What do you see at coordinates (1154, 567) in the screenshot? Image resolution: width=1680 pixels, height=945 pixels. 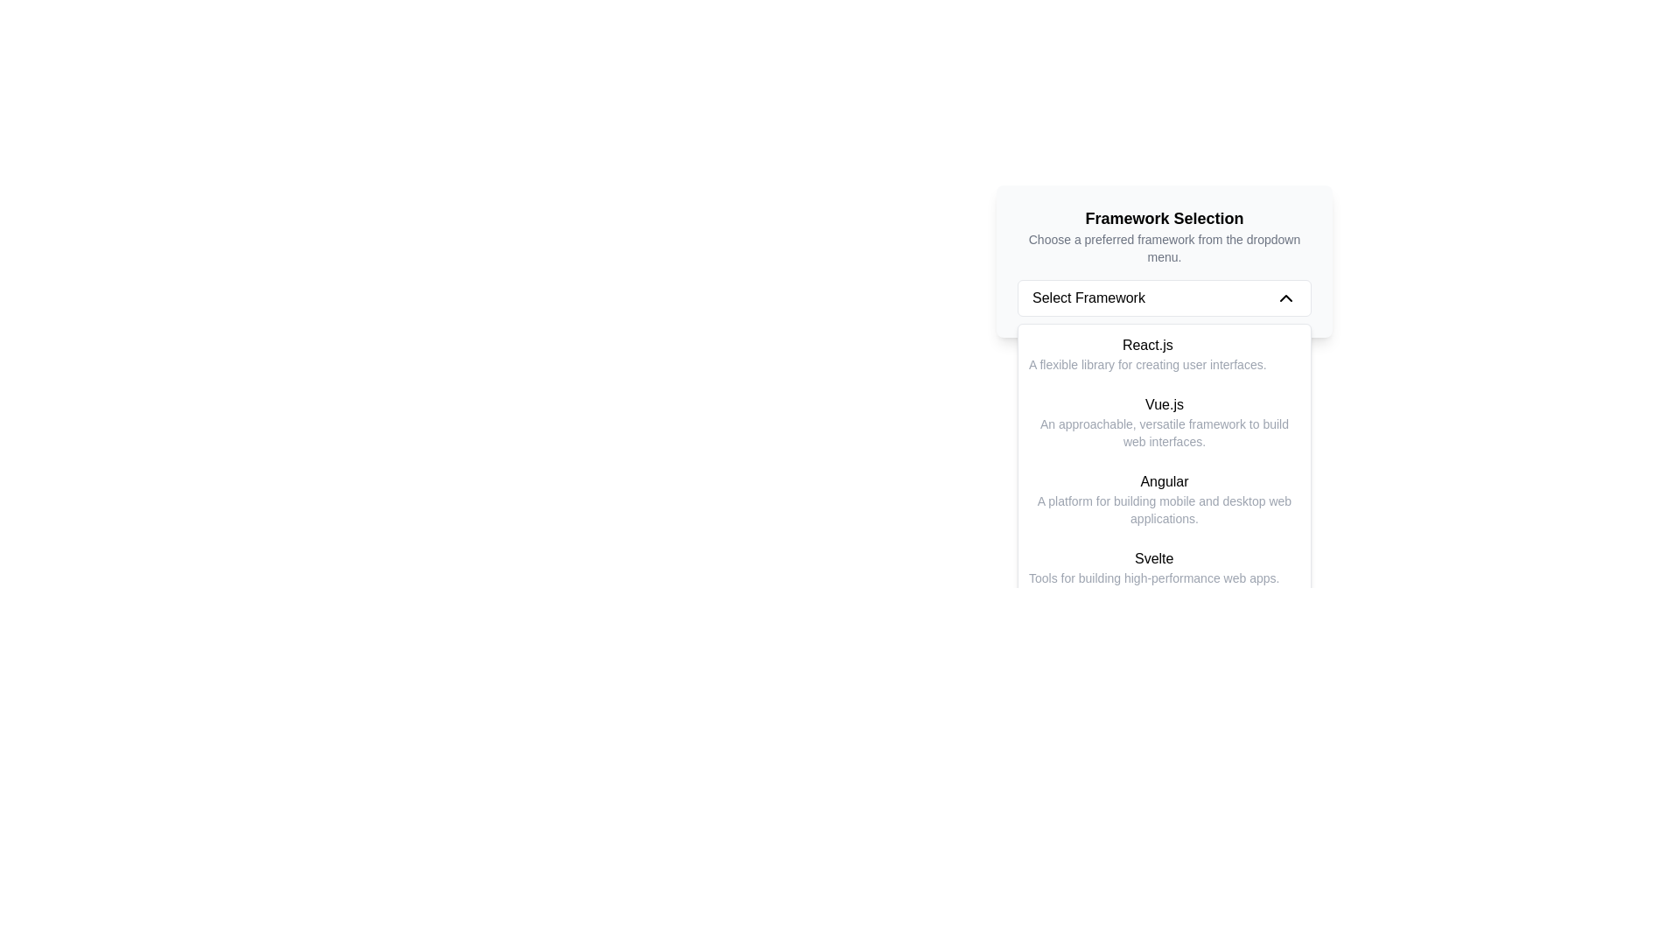 I see `informational List item for the 'Svelte' framework, which is the fourth item in the dropdown menu positioned beneath 'Angular'` at bounding box center [1154, 567].